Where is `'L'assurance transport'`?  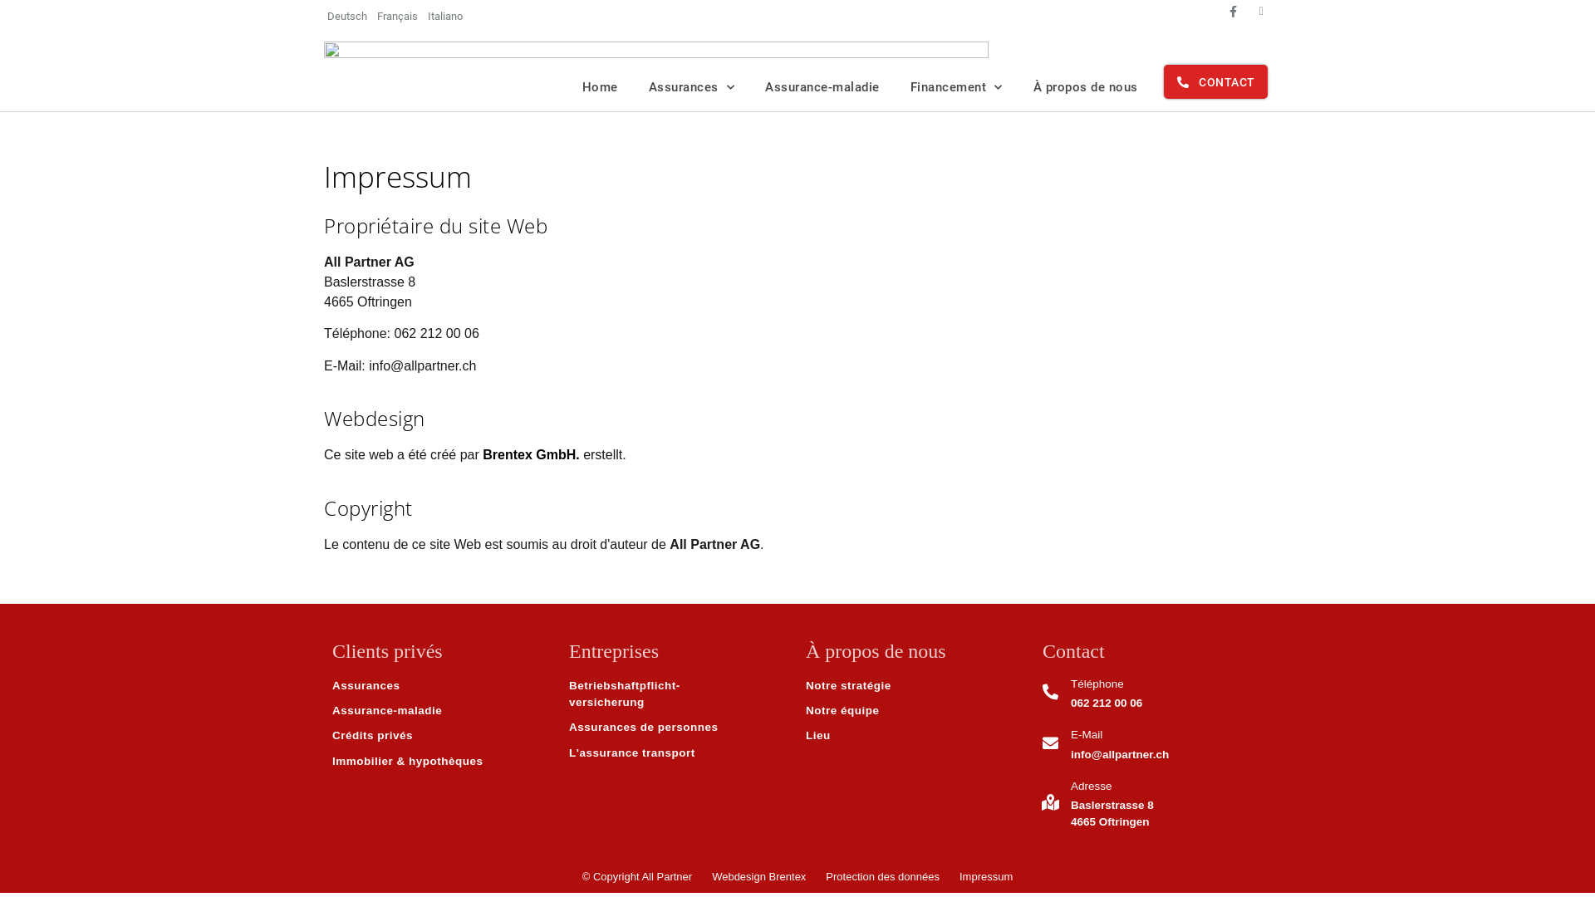
'L'assurance transport' is located at coordinates (679, 752).